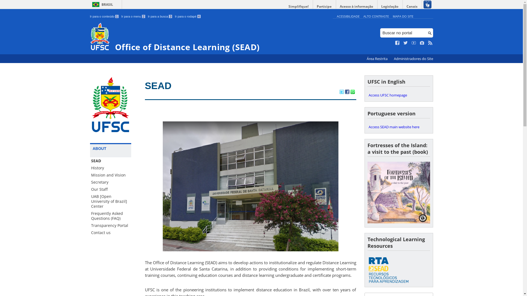 The height and width of the screenshot is (296, 527). Describe the element at coordinates (395, 43) in the screenshot. I see `'Curta no Facebook'` at that location.